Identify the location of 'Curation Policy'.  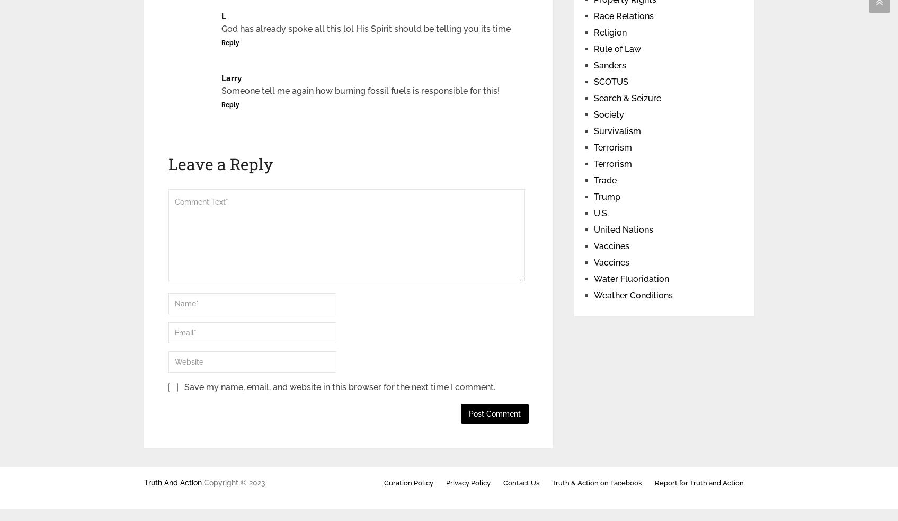
(407, 483).